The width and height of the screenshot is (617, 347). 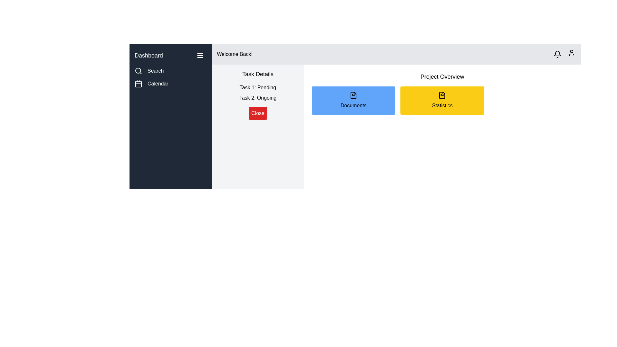 I want to click on the 'Statistics' icon located in the second box of the 'Project Overview' section, so click(x=442, y=95).